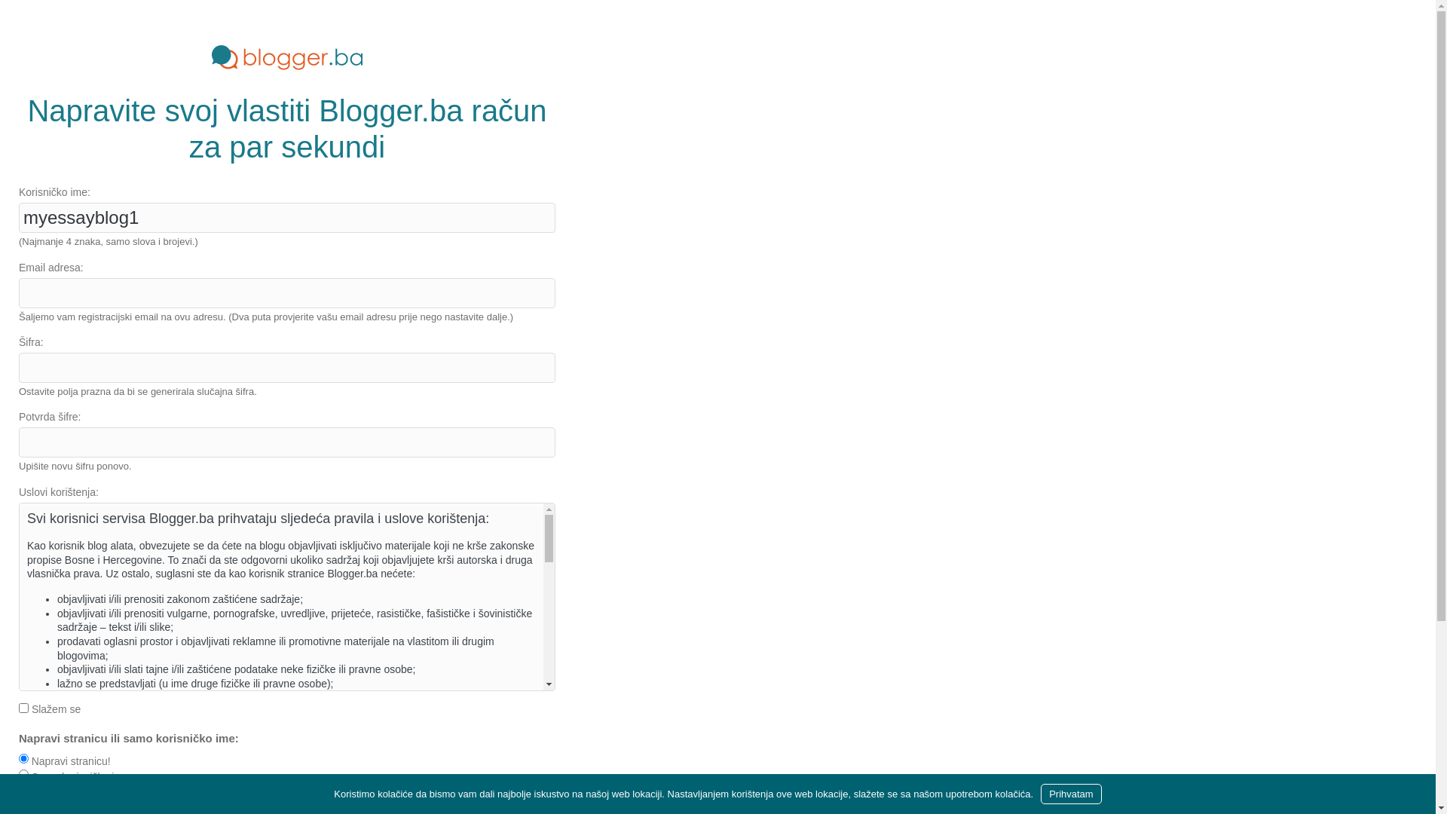  I want to click on 'Prihvatam', so click(1070, 793).